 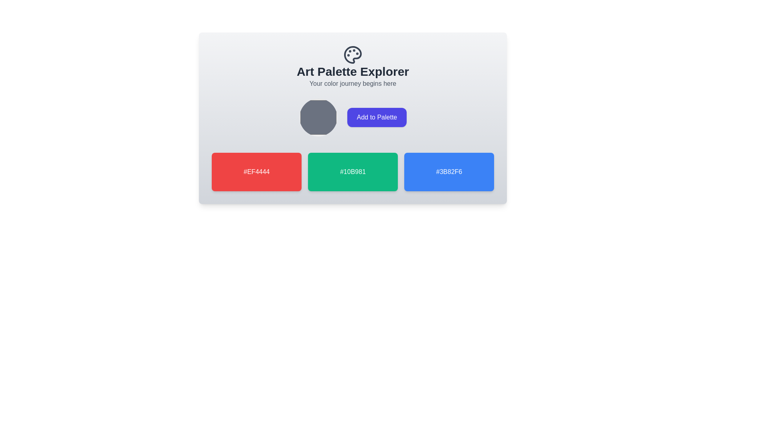 I want to click on the appearance of the visual display element with a vivid blue background and white text '#3B82F6', positioned at the bottom center of the interface, so click(x=448, y=171).